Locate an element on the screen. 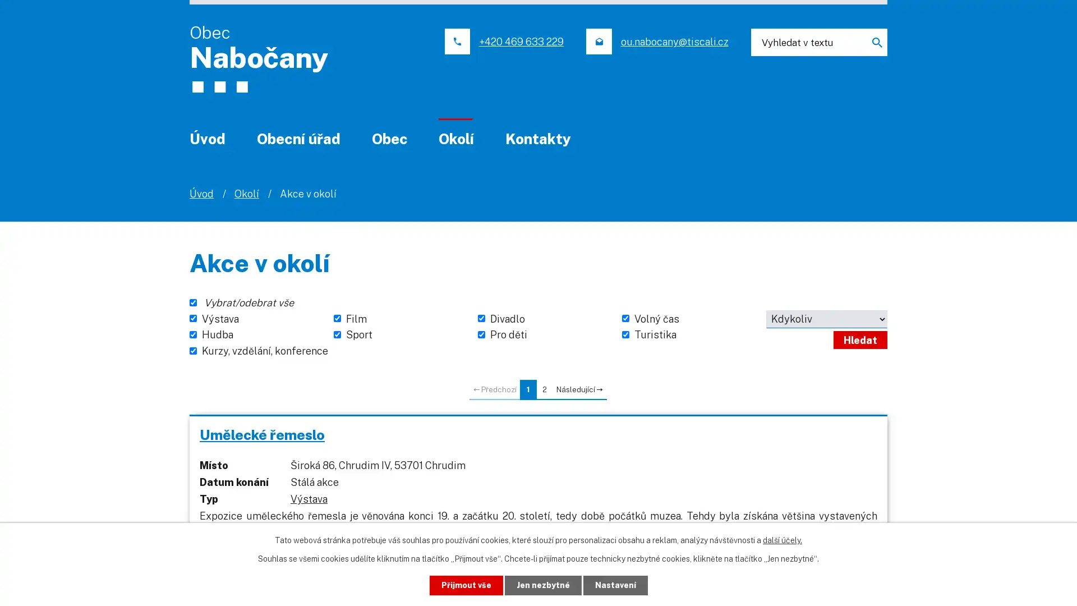 The image size is (1077, 606). Hledat is located at coordinates (860, 339).